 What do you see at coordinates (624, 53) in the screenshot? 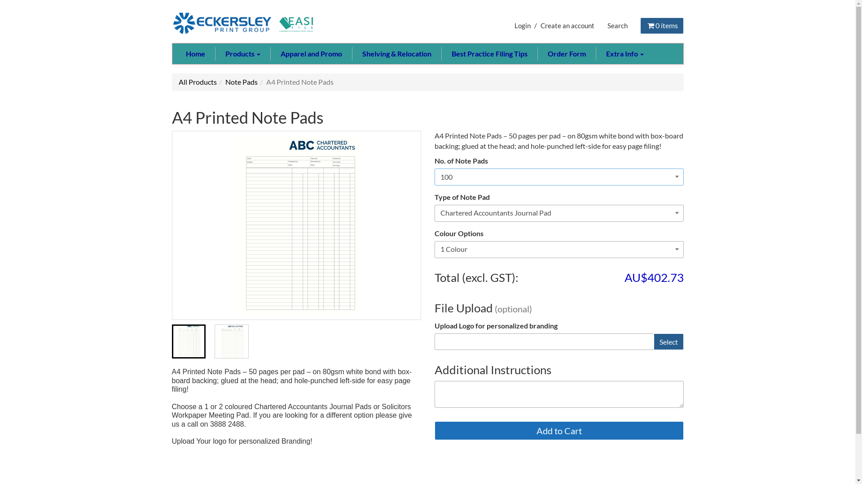
I see `'Extra Info'` at bounding box center [624, 53].